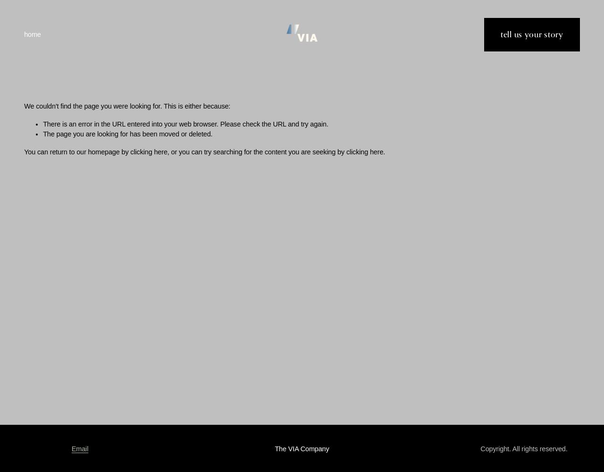 The height and width of the screenshot is (472, 604). I want to click on 'You can return to our homepage by', so click(77, 152).